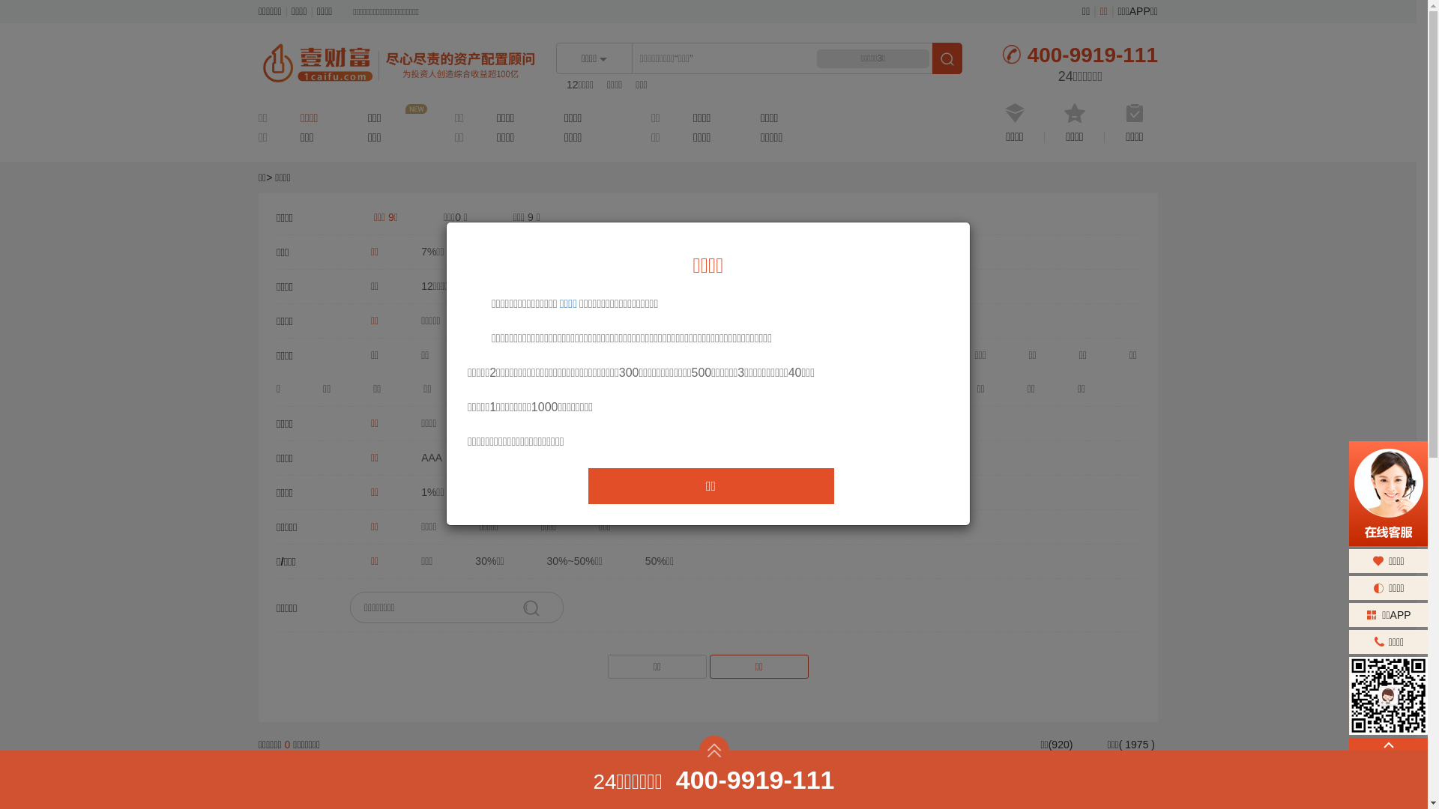 The width and height of the screenshot is (1439, 809). I want to click on 'B', so click(690, 456).